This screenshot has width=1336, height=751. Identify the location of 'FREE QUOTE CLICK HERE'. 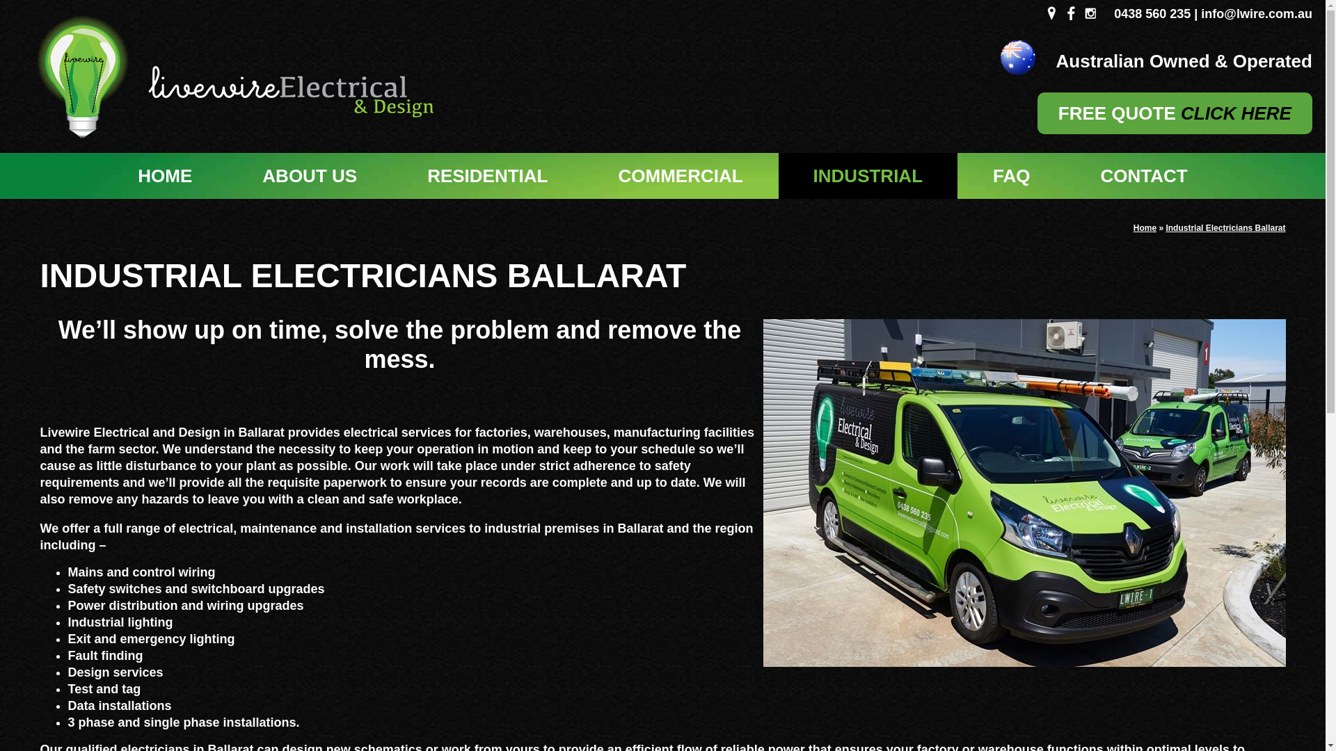
(1174, 112).